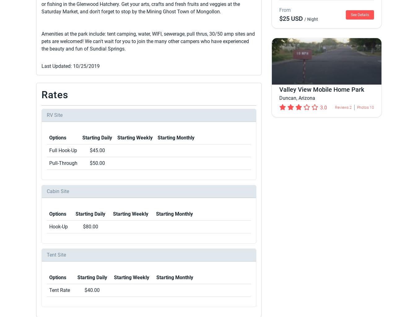 Image resolution: width=418 pixels, height=317 pixels. What do you see at coordinates (177, 240) in the screenshot?
I see `'Nomads'` at bounding box center [177, 240].